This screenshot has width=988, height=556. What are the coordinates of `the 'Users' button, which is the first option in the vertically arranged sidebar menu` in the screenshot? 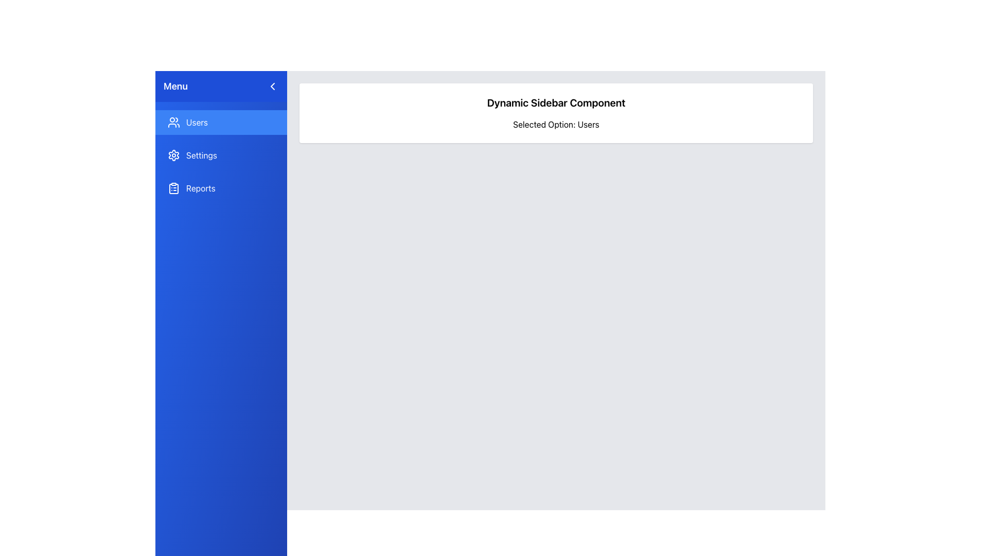 It's located at (221, 122).